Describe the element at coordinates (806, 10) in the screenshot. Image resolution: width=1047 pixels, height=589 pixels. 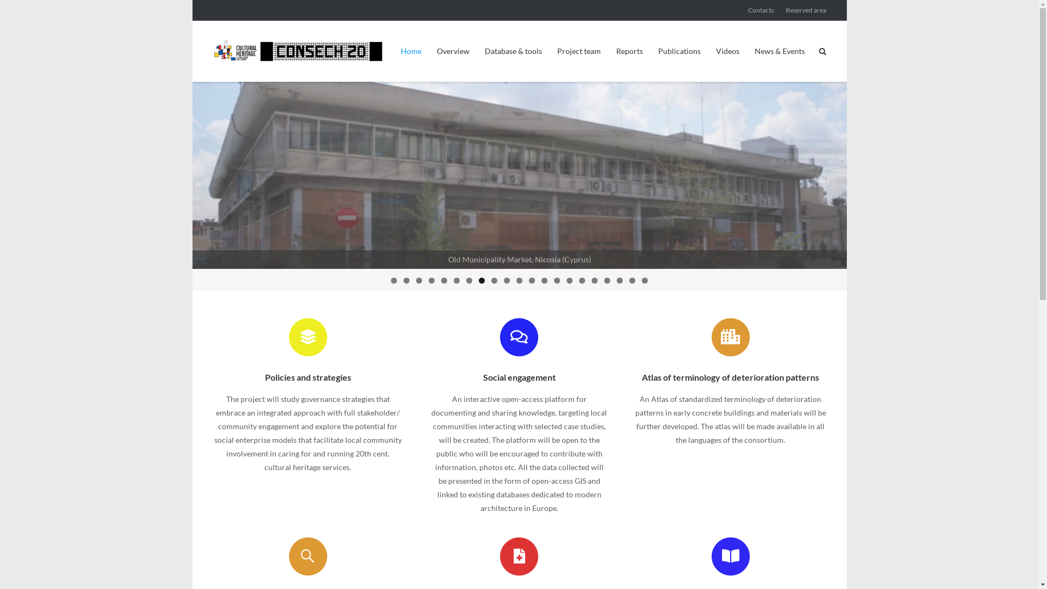
I see `'Reserved area'` at that location.